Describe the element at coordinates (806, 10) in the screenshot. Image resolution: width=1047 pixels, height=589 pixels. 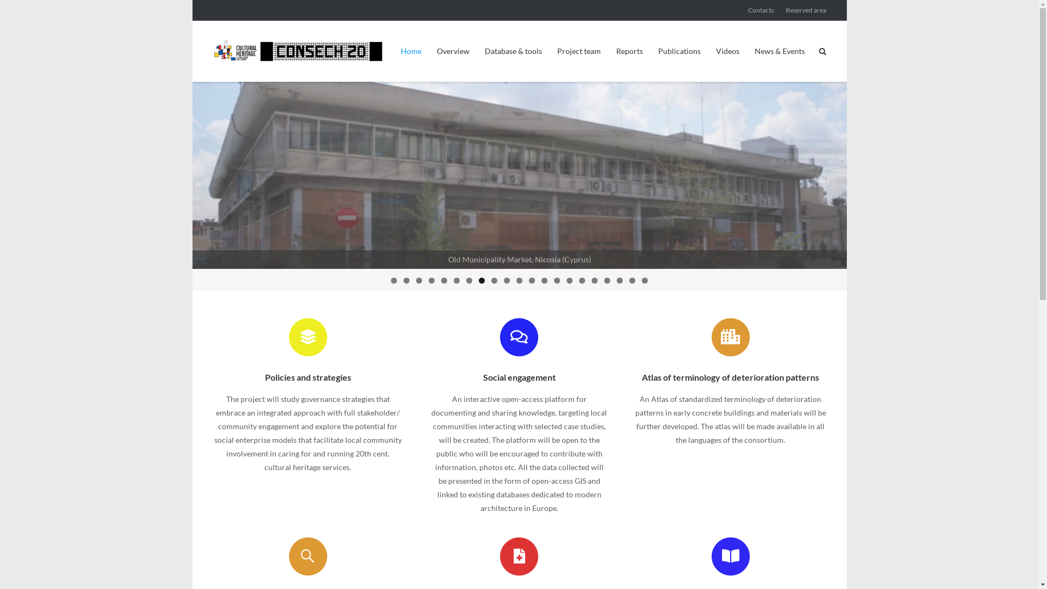
I see `'Reserved area'` at that location.